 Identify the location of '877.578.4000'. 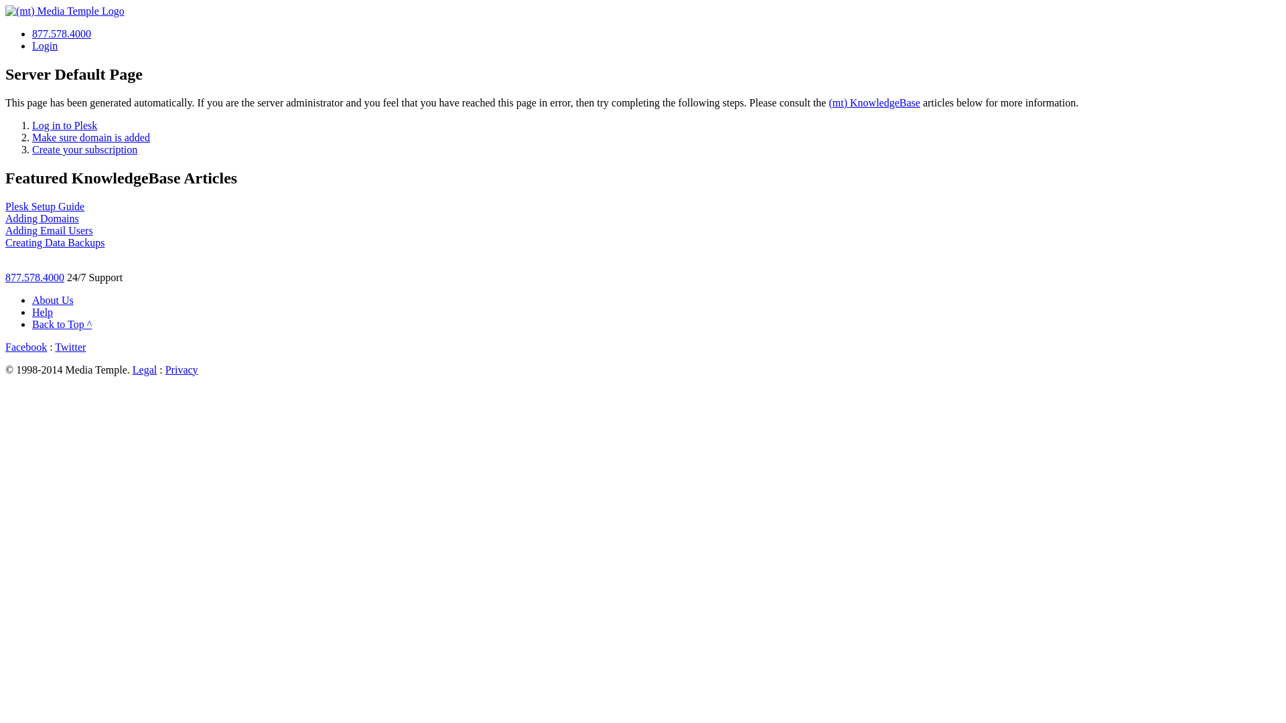
(60, 33).